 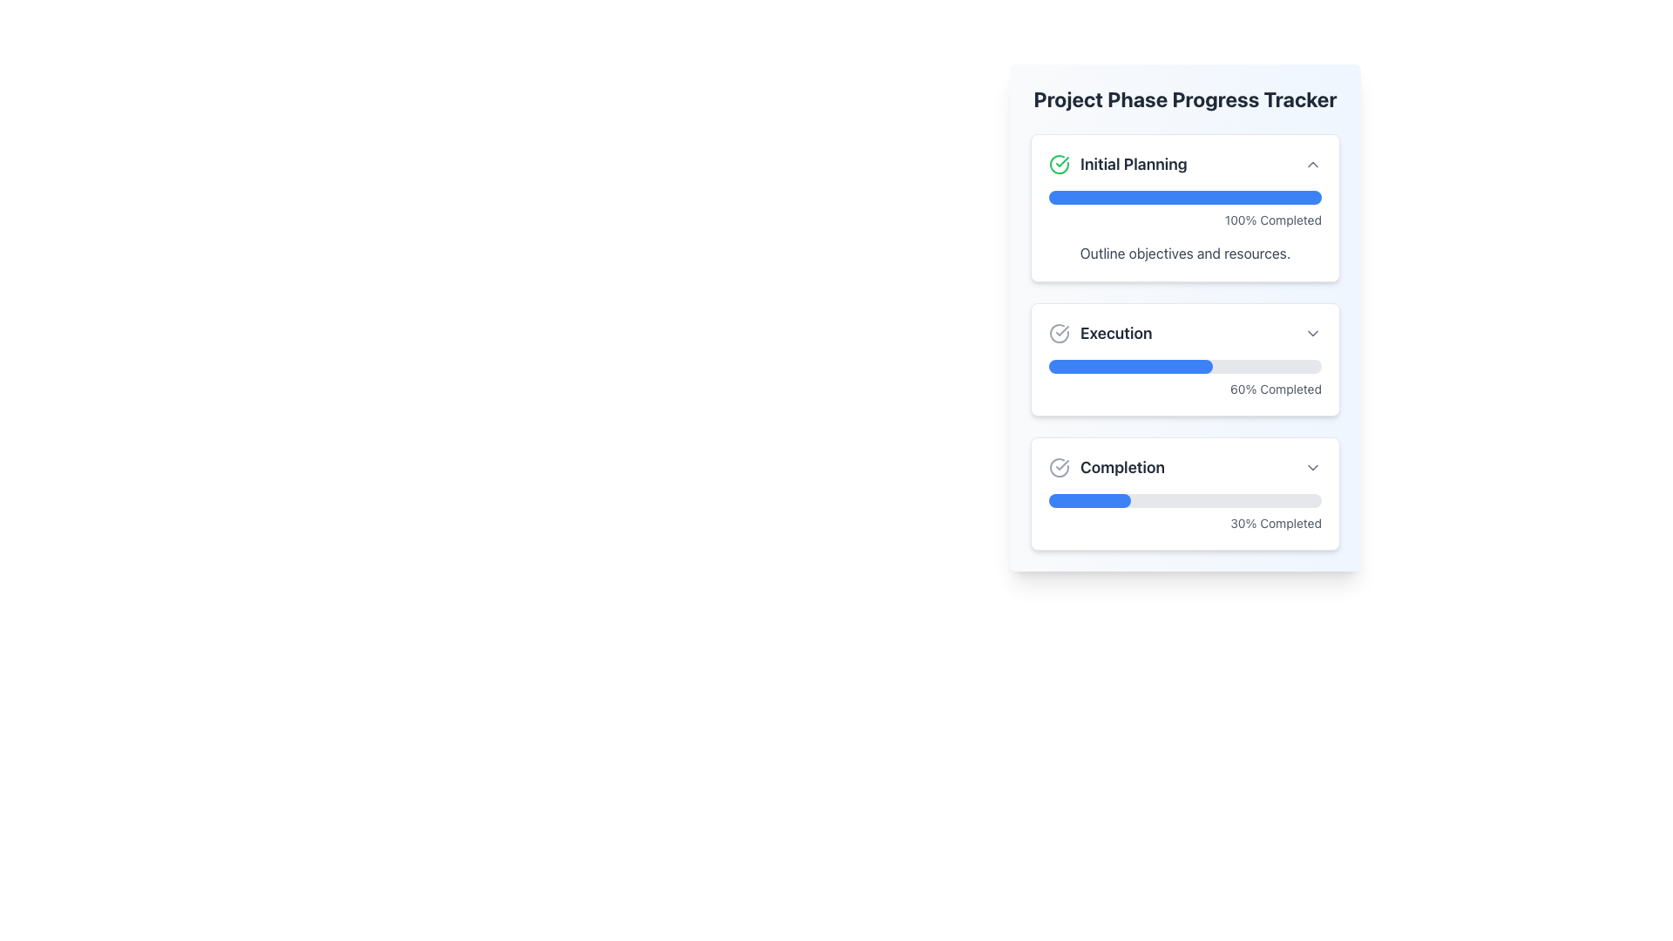 What do you see at coordinates (1058, 333) in the screenshot?
I see `the status icon indicating 'Execution', which is located to the left of the text label 'Execution' in the second item of a vertical card displaying progress phases` at bounding box center [1058, 333].